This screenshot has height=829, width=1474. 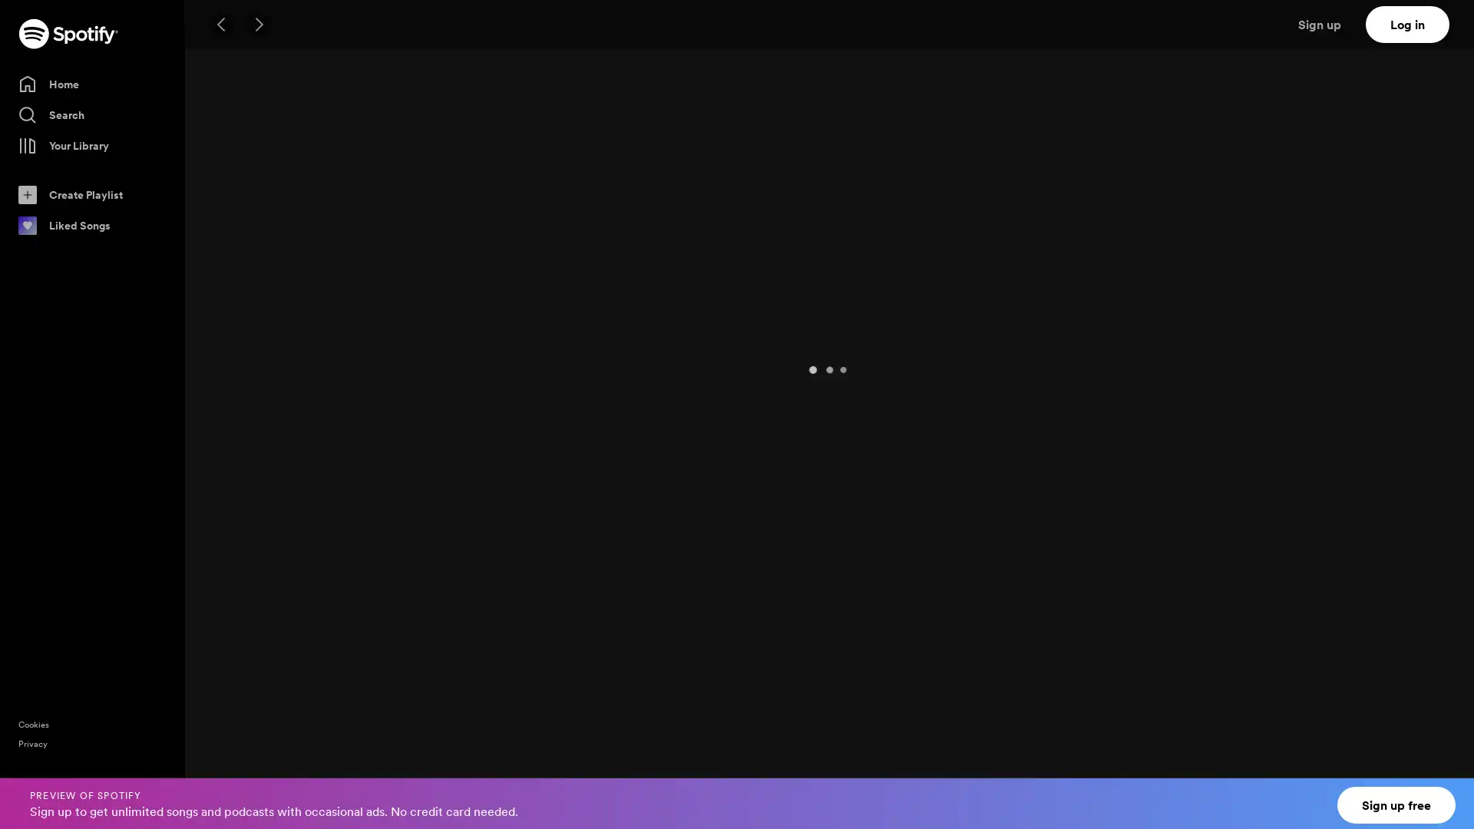 I want to click on Play Looking Backward by Melody's Echo Chamber, so click(x=228, y=747).